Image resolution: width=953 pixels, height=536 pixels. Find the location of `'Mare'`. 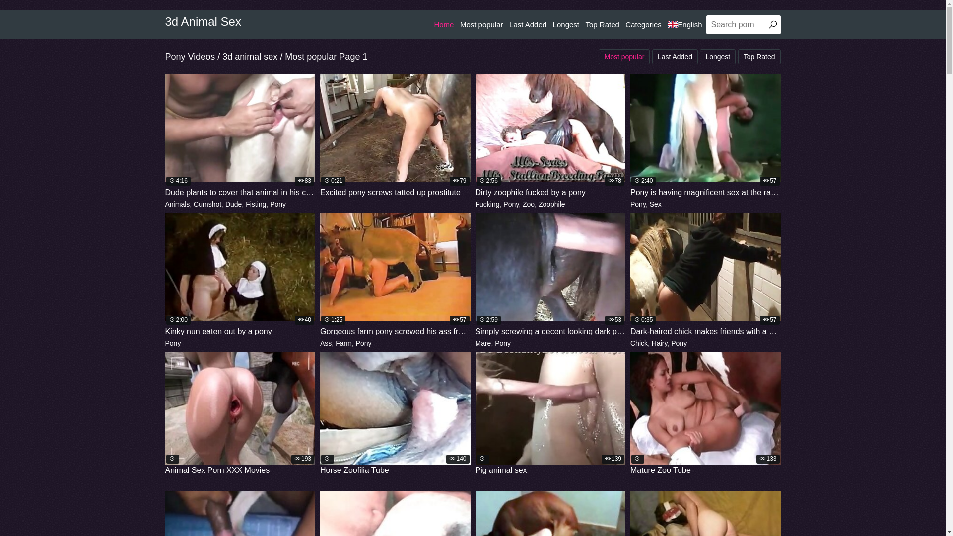

'Mare' is located at coordinates (483, 342).